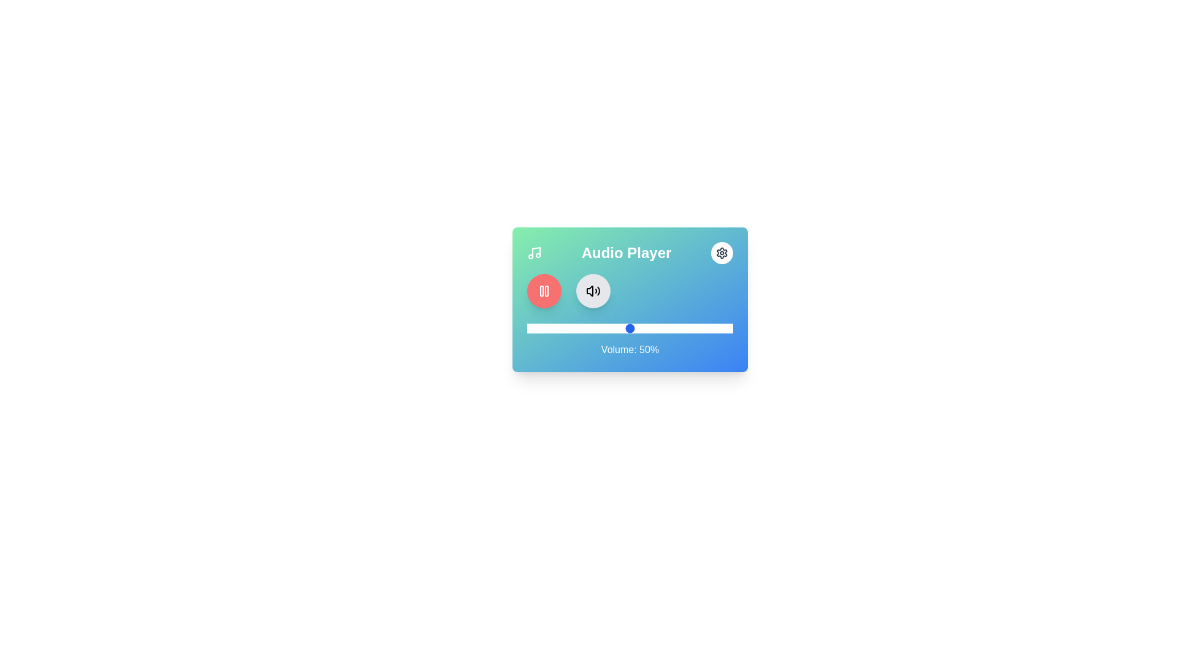 This screenshot has height=662, width=1177. What do you see at coordinates (544, 291) in the screenshot?
I see `the first button in the row within the 'Audio Player' component` at bounding box center [544, 291].